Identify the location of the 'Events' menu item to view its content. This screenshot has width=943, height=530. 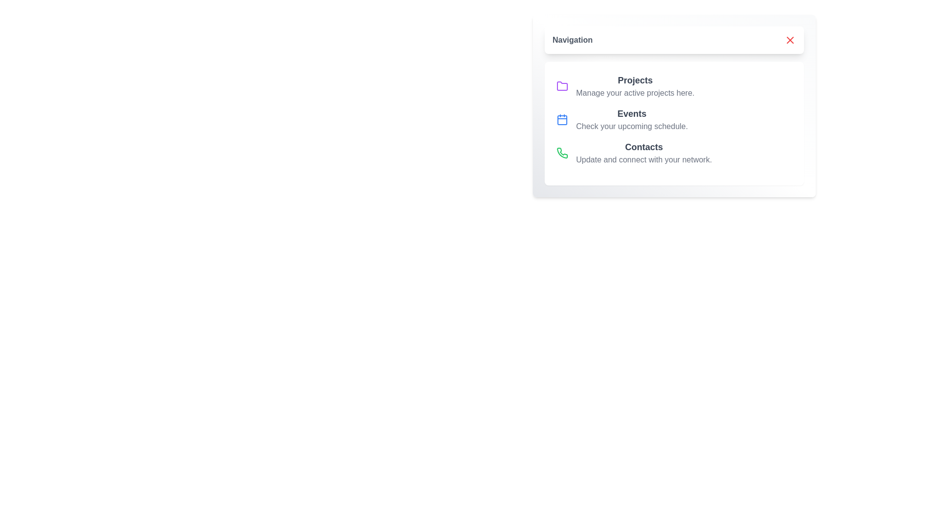
(632, 119).